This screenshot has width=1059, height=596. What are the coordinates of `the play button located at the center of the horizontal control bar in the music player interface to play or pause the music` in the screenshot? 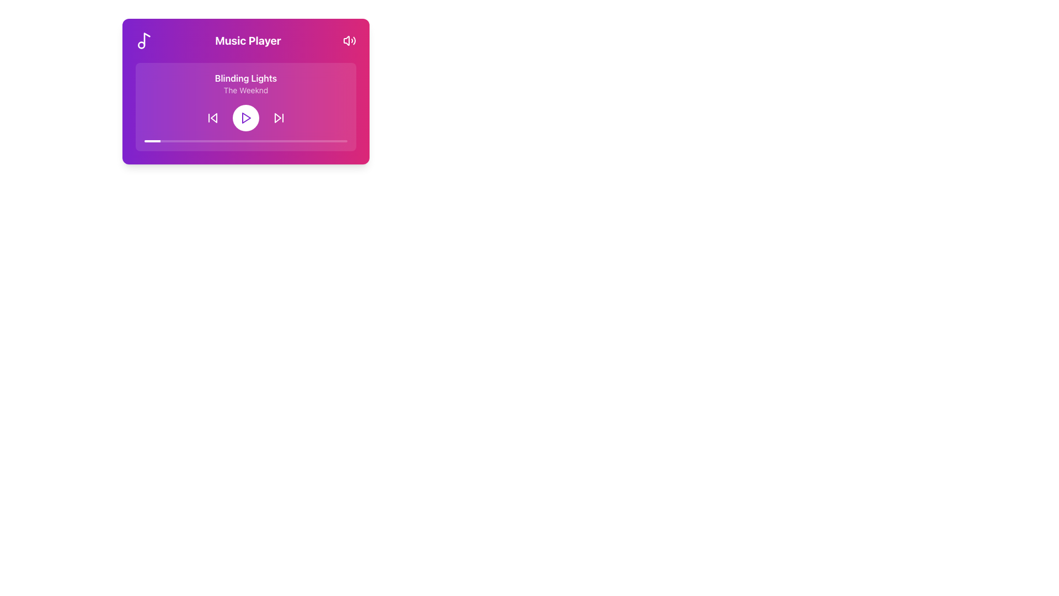 It's located at (245, 118).